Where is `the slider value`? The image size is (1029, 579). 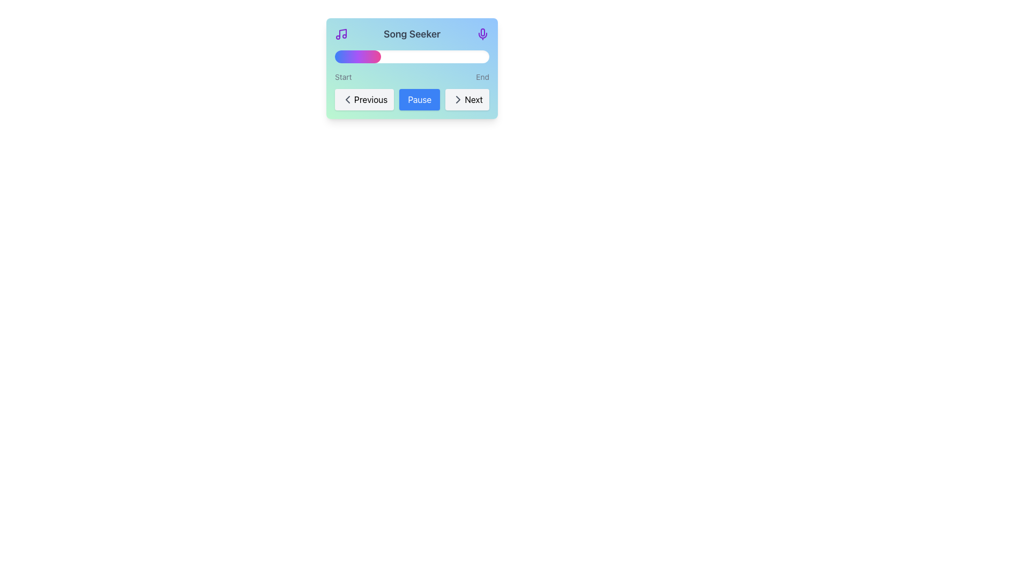
the slider value is located at coordinates (391, 56).